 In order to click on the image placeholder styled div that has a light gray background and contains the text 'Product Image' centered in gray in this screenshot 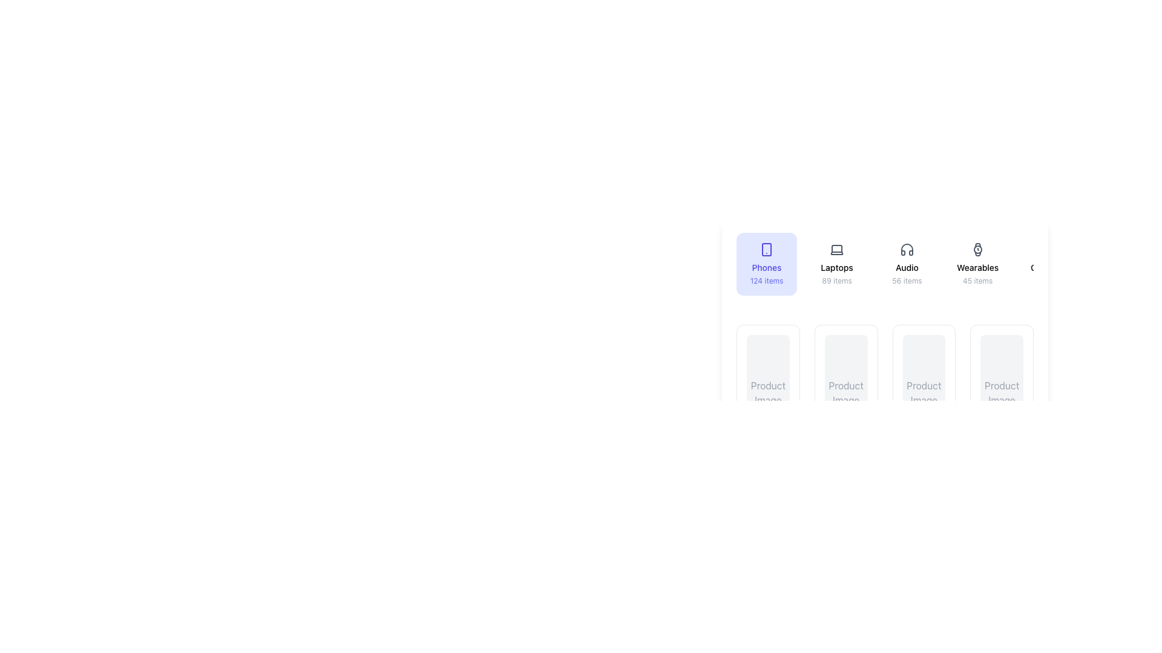, I will do `click(1002, 393)`.